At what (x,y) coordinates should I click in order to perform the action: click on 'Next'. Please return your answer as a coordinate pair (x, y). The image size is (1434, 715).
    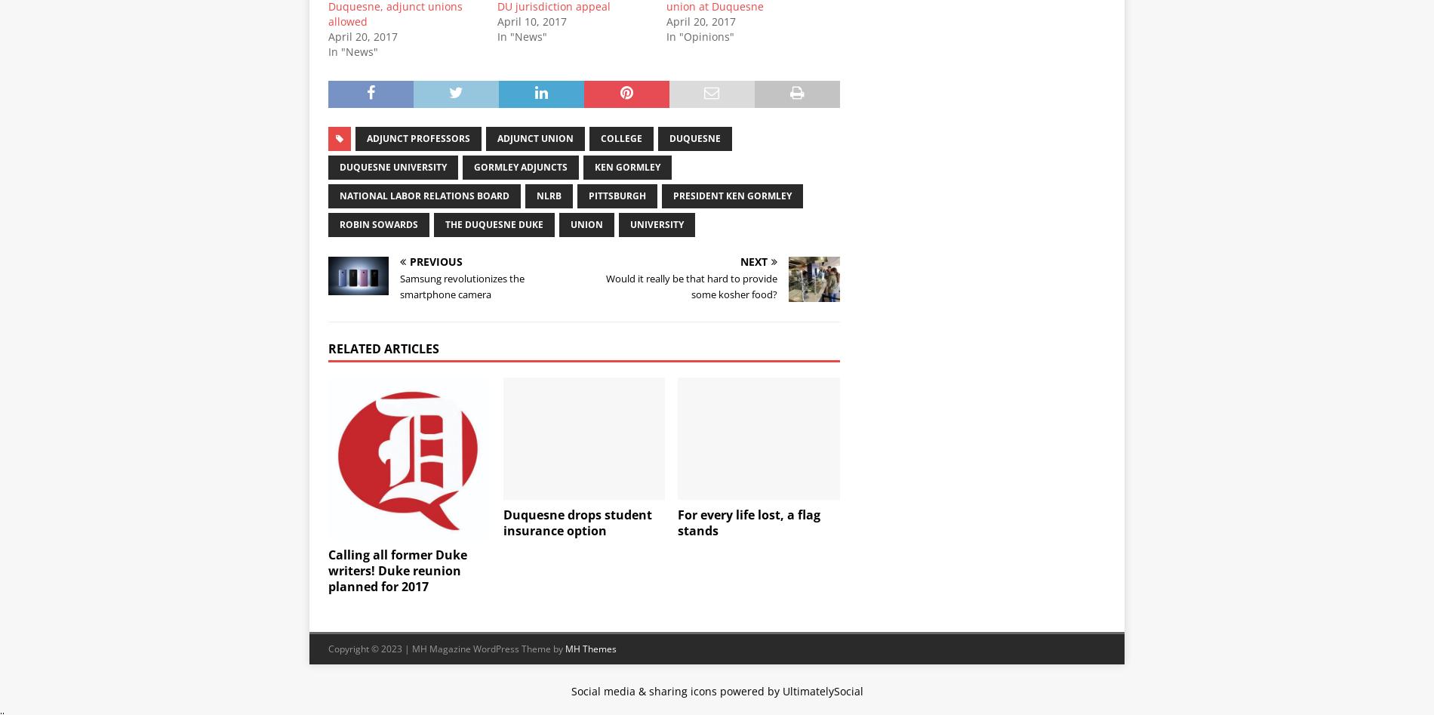
    Looking at the image, I should click on (754, 260).